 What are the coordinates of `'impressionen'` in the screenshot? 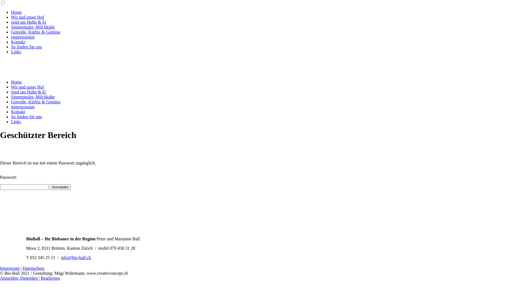 It's located at (22, 37).